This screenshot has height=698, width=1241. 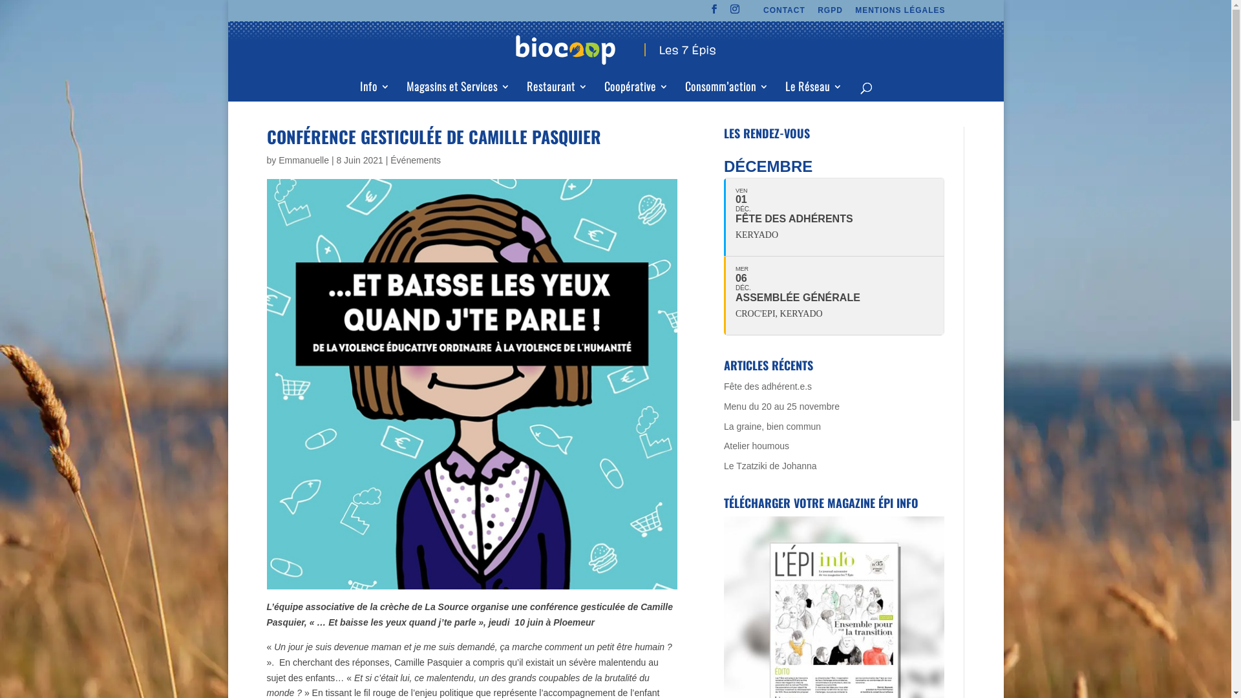 I want to click on 'RGPD', so click(x=830, y=13).